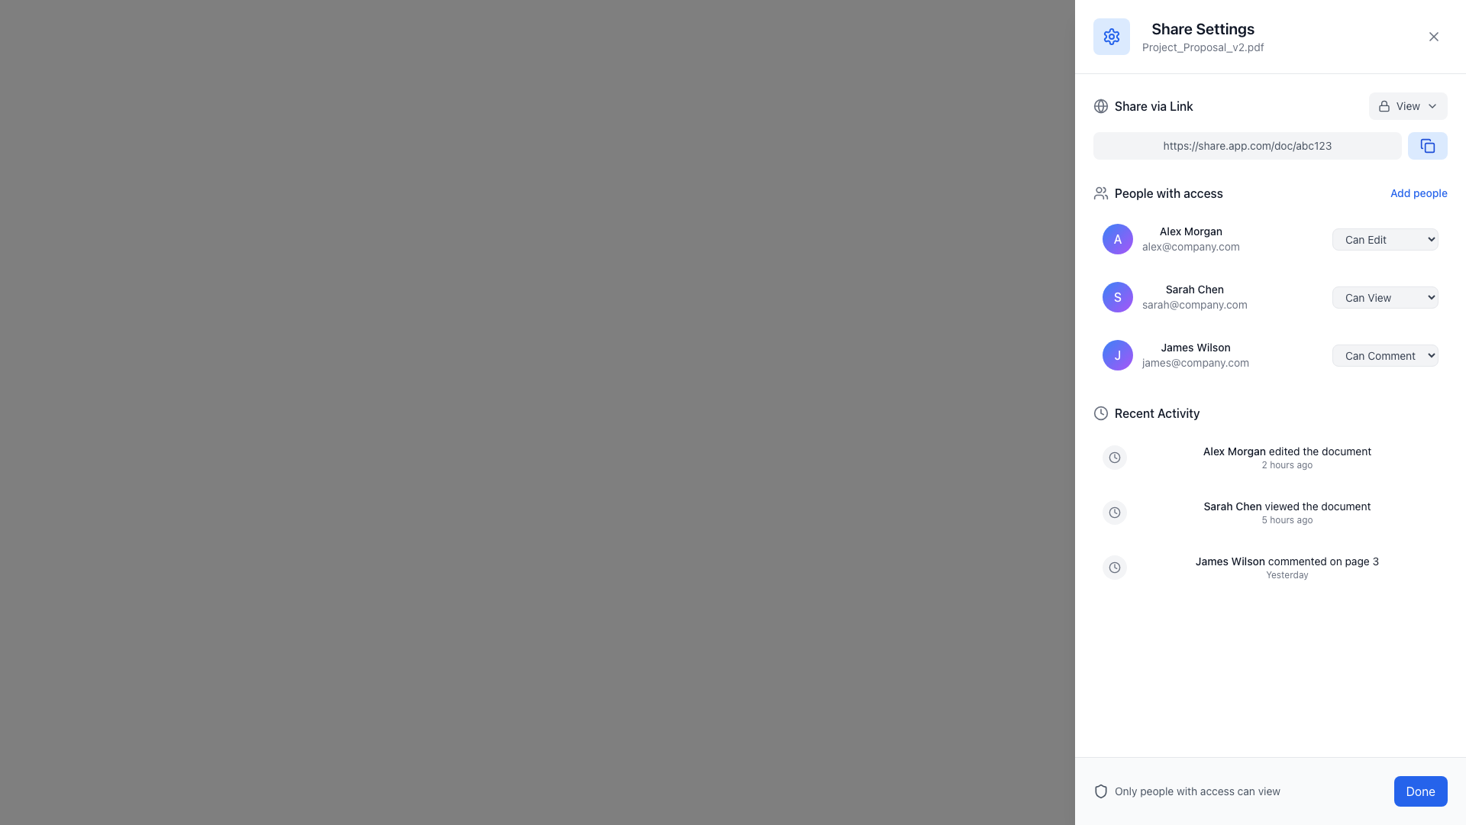 This screenshot has height=825, width=1466. I want to click on the SVG circle component that resembles a clock, located near the activity feed section of the right-side panel, so click(1114, 568).